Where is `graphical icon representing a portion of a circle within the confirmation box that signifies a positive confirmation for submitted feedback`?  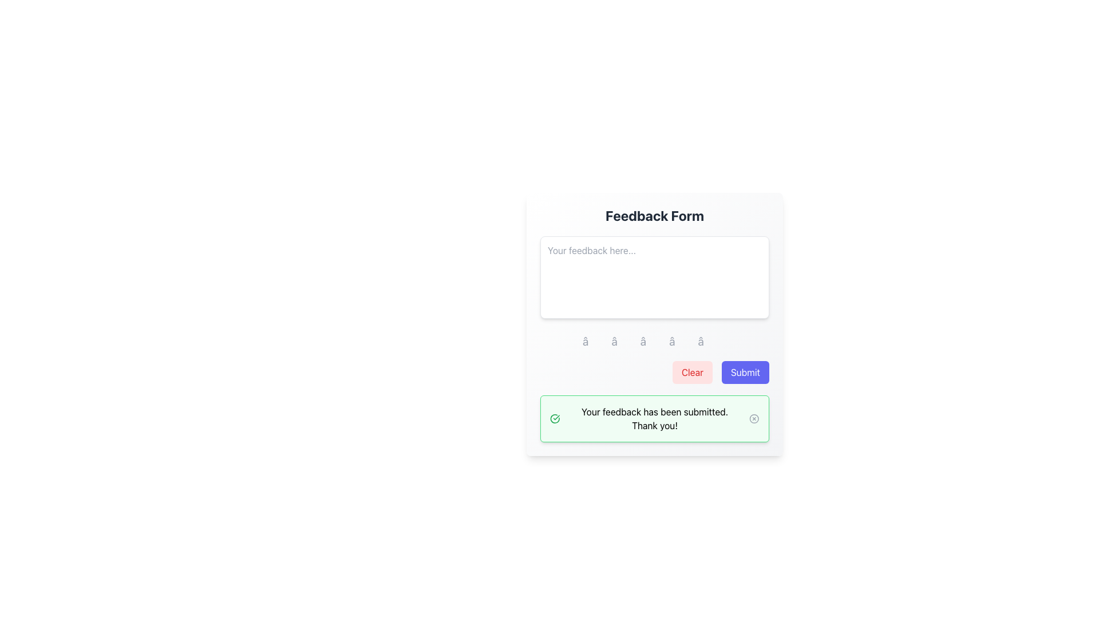 graphical icon representing a portion of a circle within the confirmation box that signifies a positive confirmation for submitted feedback is located at coordinates (555, 419).